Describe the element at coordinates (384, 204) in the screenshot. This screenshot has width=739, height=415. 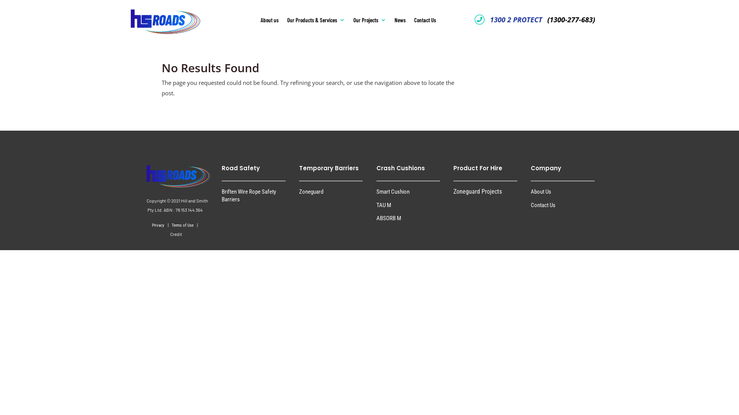
I see `'TAU M'` at that location.